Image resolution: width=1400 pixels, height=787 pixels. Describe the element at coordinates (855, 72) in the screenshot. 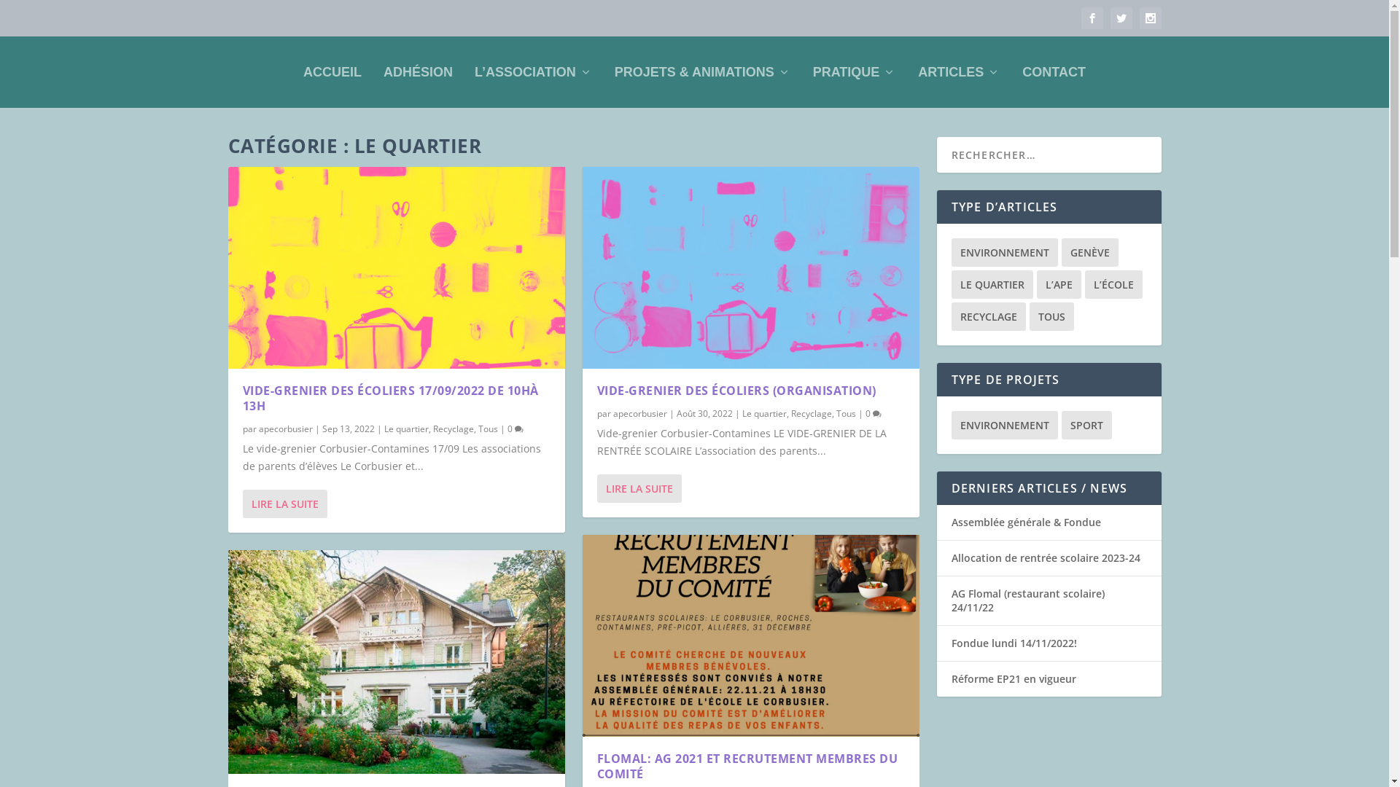

I see `'PRATIQUE'` at that location.